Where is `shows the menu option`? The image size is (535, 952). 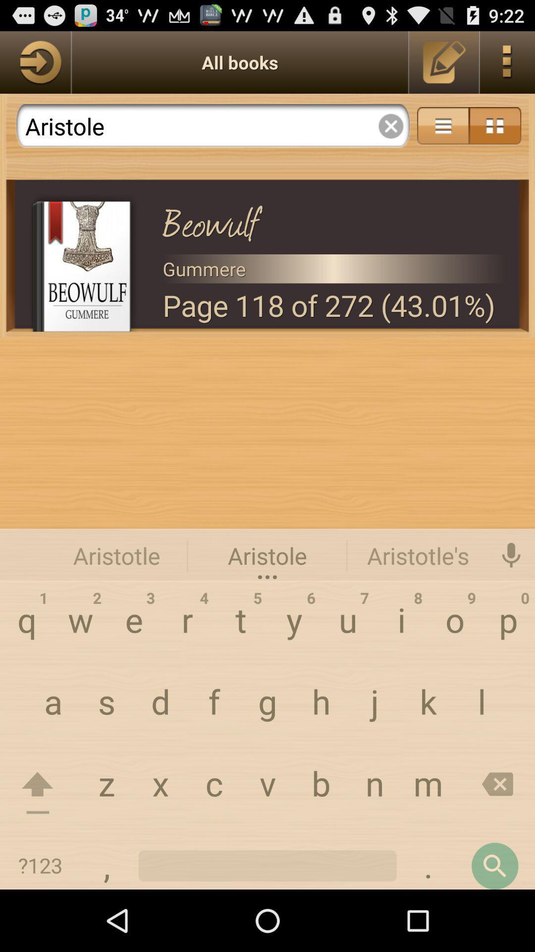
shows the menu option is located at coordinates (507, 61).